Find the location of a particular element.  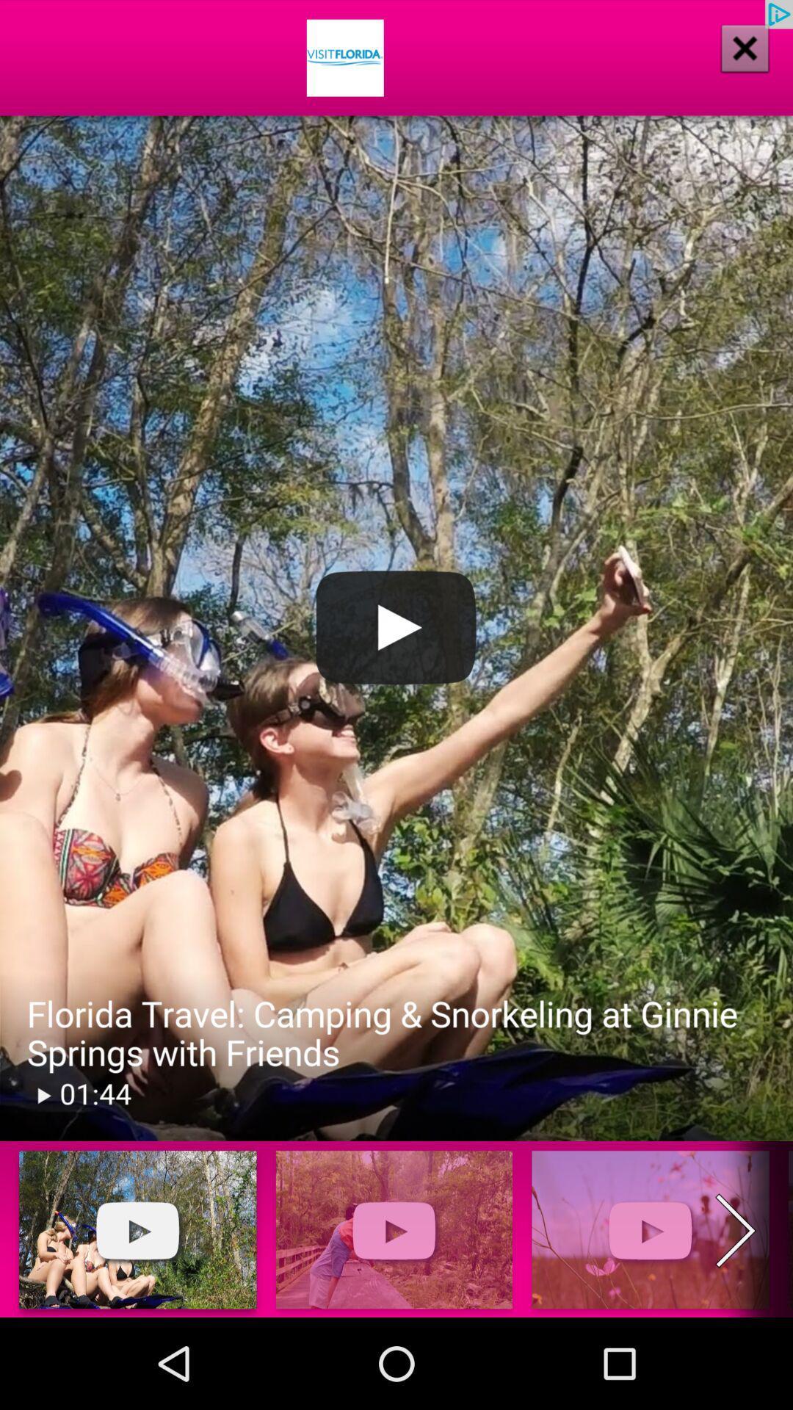

the close icon is located at coordinates (745, 51).